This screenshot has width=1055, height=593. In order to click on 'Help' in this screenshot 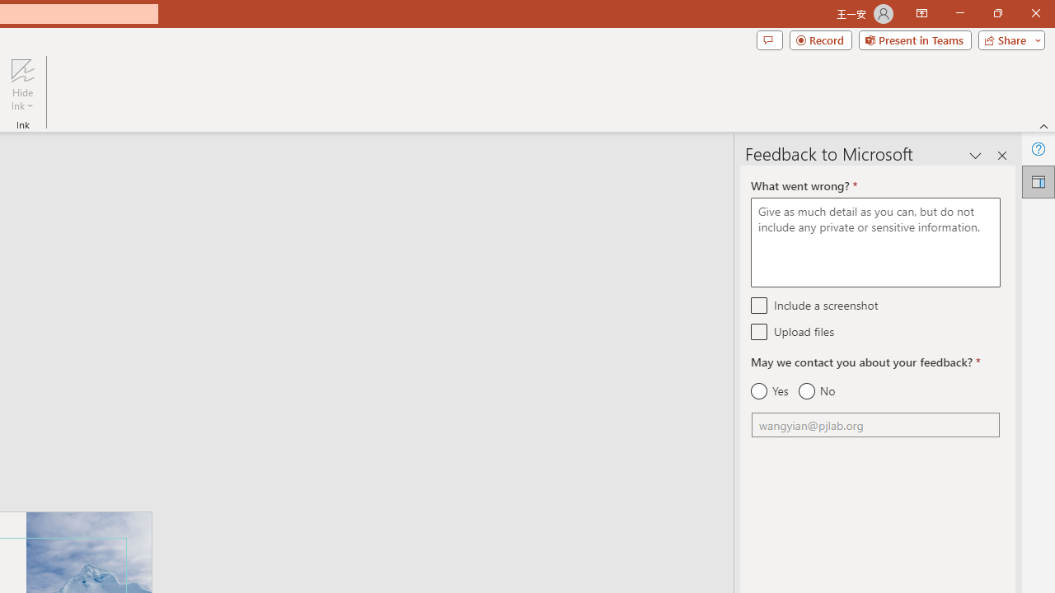, I will do `click(1038, 149)`.